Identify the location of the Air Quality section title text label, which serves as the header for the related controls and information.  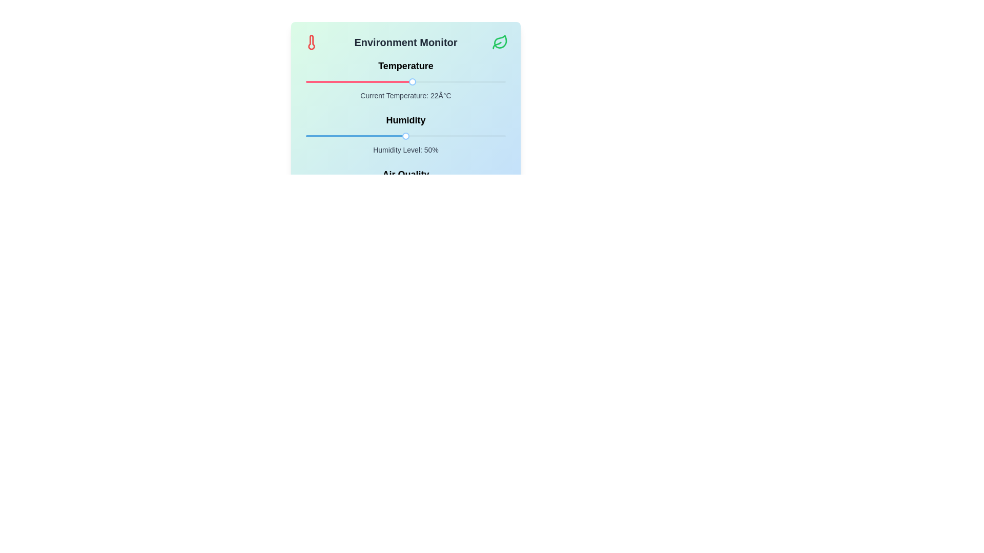
(405, 174).